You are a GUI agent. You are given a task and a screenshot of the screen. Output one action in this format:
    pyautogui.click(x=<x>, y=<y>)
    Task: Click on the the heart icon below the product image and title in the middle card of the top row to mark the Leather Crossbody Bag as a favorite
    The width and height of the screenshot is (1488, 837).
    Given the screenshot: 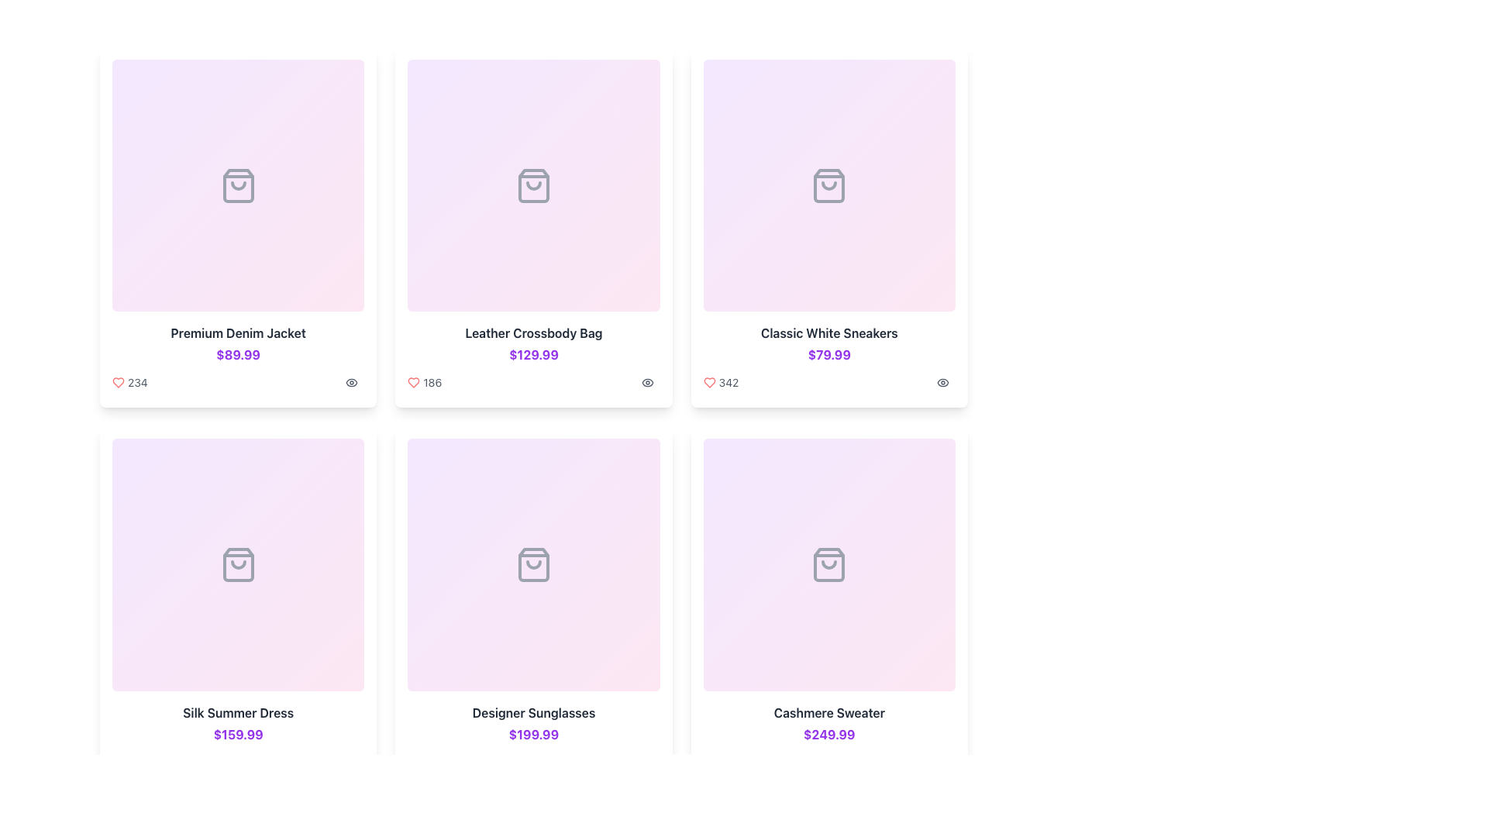 What is the action you would take?
    pyautogui.click(x=414, y=383)
    